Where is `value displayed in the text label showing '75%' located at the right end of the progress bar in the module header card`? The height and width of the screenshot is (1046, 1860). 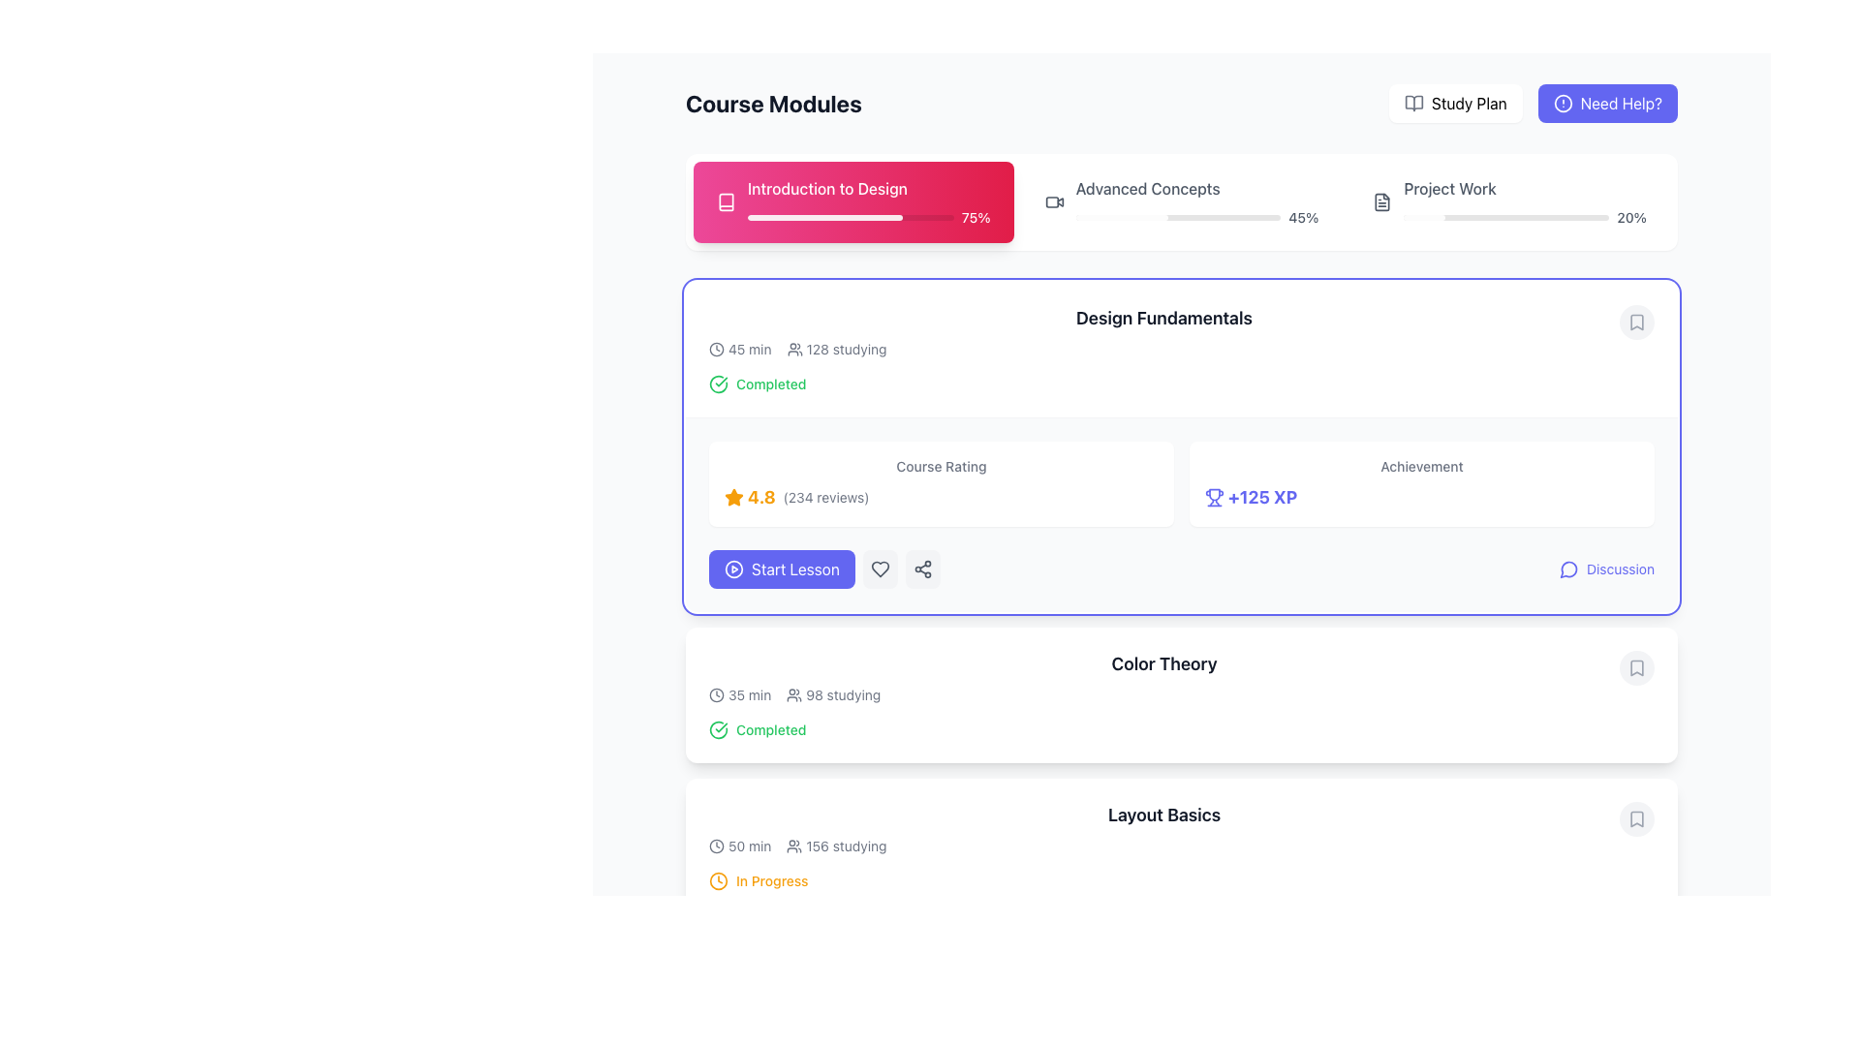
value displayed in the text label showing '75%' located at the right end of the progress bar in the module header card is located at coordinates (976, 217).